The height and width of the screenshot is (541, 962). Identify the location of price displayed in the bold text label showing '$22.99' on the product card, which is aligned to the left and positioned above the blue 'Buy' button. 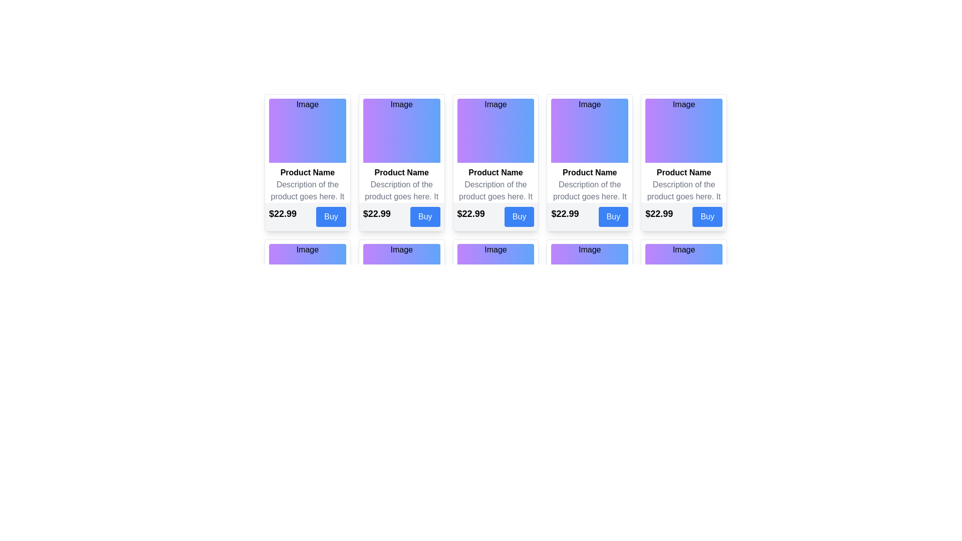
(470, 216).